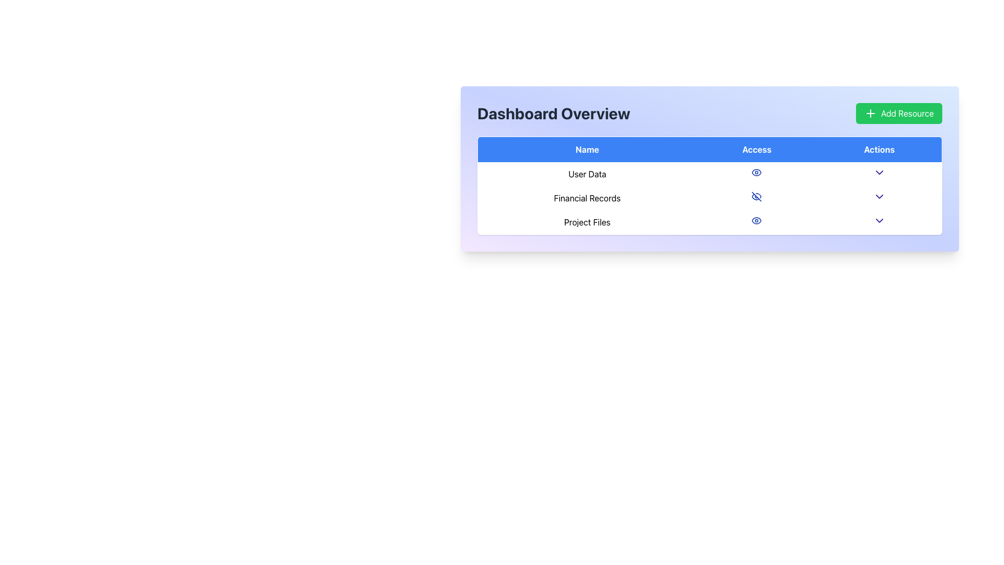 This screenshot has width=1004, height=565. What do you see at coordinates (587, 149) in the screenshot?
I see `the first column header of the table, which specifies the data category for item names, located under the 'Dashboard Overview' title` at bounding box center [587, 149].